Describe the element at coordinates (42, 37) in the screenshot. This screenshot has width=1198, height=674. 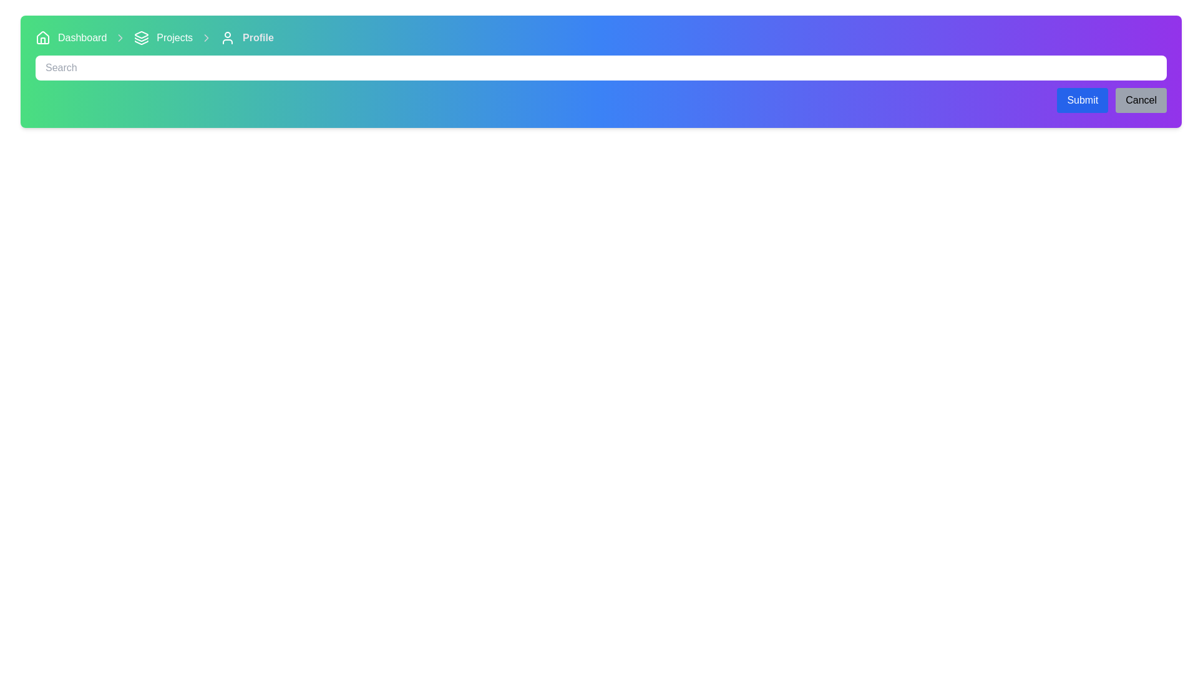
I see `keyboard navigation` at that location.